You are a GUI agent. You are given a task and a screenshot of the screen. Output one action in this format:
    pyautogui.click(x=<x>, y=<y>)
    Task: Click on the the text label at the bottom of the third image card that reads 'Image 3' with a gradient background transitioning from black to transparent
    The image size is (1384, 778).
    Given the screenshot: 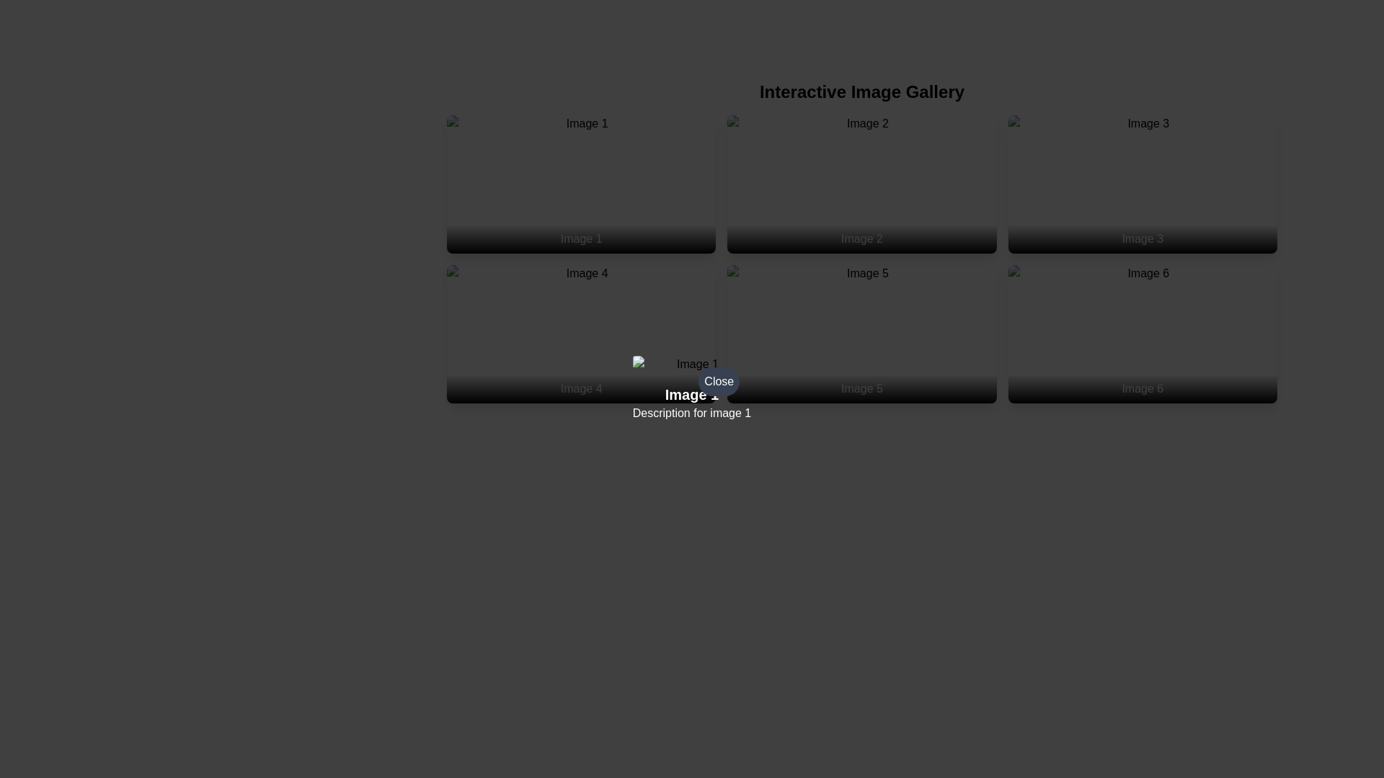 What is the action you would take?
    pyautogui.click(x=1142, y=238)
    